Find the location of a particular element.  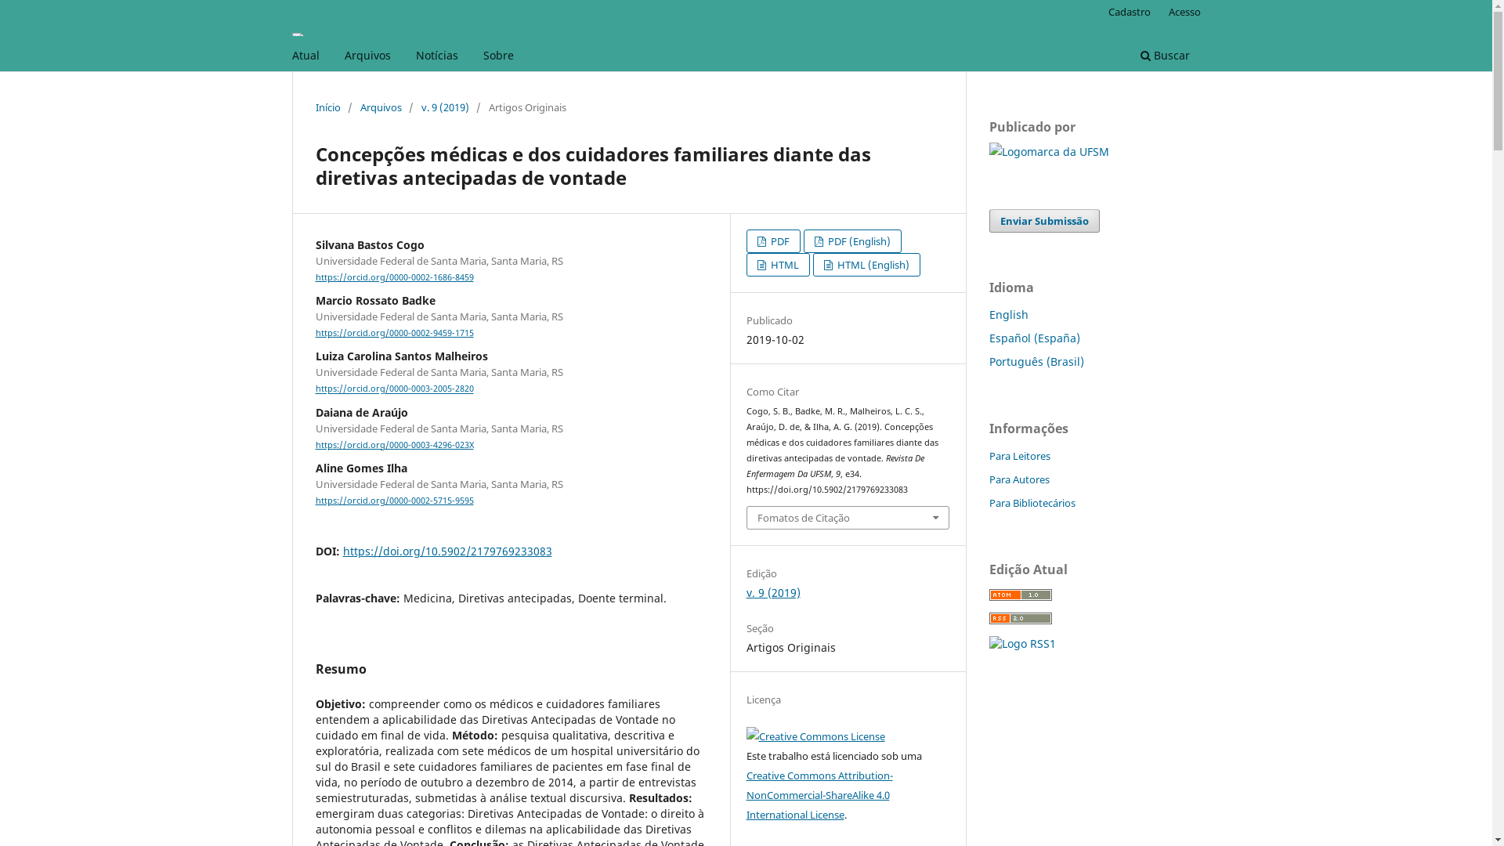

'Arquivos' is located at coordinates (366, 56).